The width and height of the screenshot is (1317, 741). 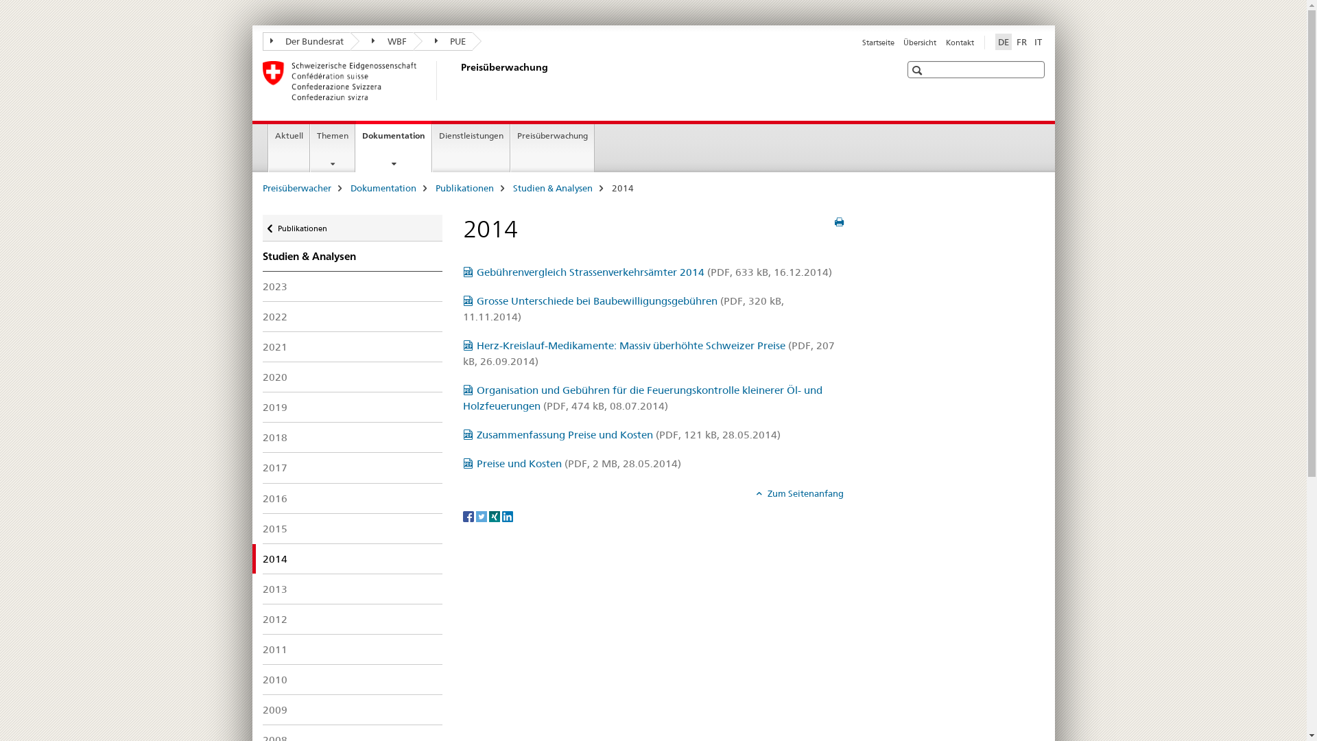 What do you see at coordinates (393, 146) in the screenshot?
I see `'Dokumentation` at bounding box center [393, 146].